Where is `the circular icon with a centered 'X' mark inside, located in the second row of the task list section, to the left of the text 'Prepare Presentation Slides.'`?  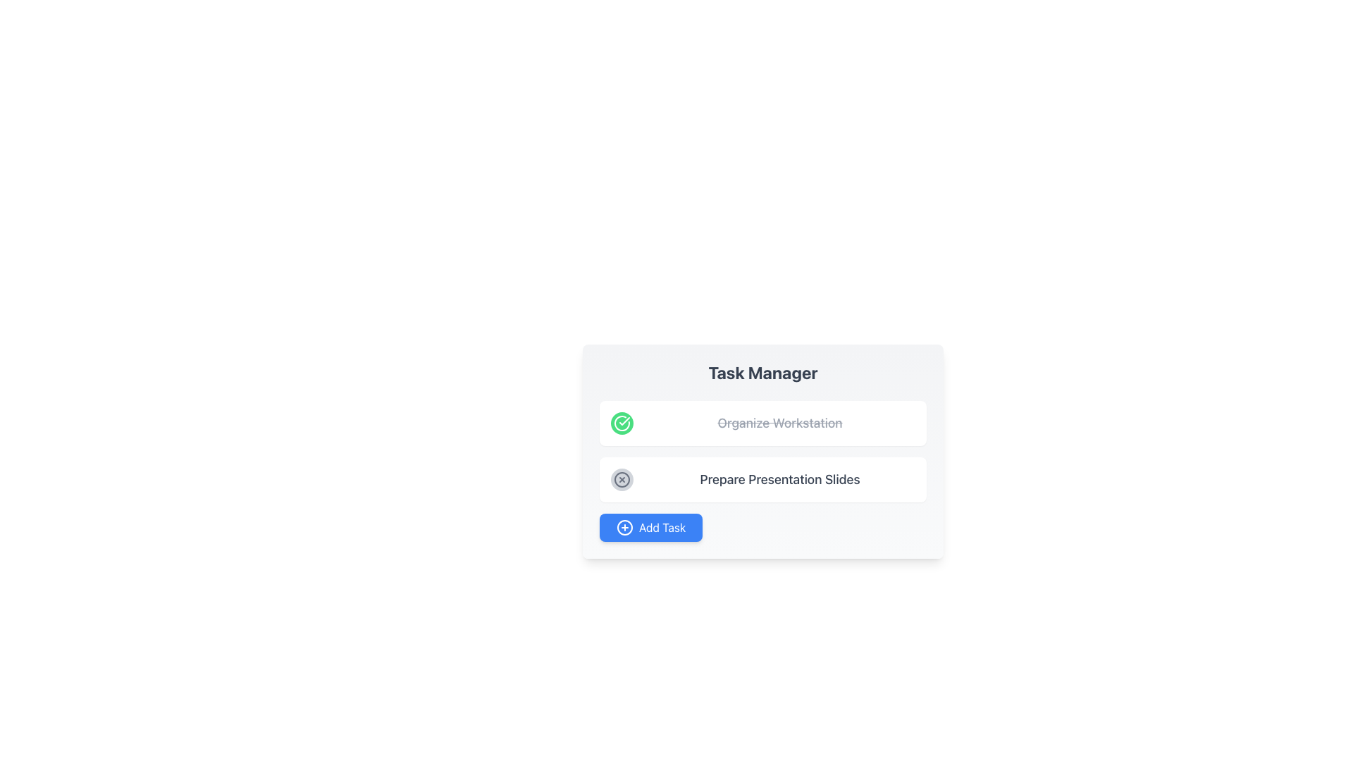 the circular icon with a centered 'X' mark inside, located in the second row of the task list section, to the left of the text 'Prepare Presentation Slides.' is located at coordinates (622, 479).